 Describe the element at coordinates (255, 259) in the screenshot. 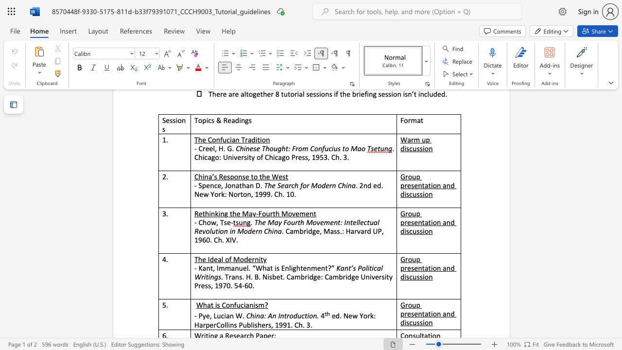

I see `the subset text "ni" within the text "The Ideal of Modernity"` at that location.